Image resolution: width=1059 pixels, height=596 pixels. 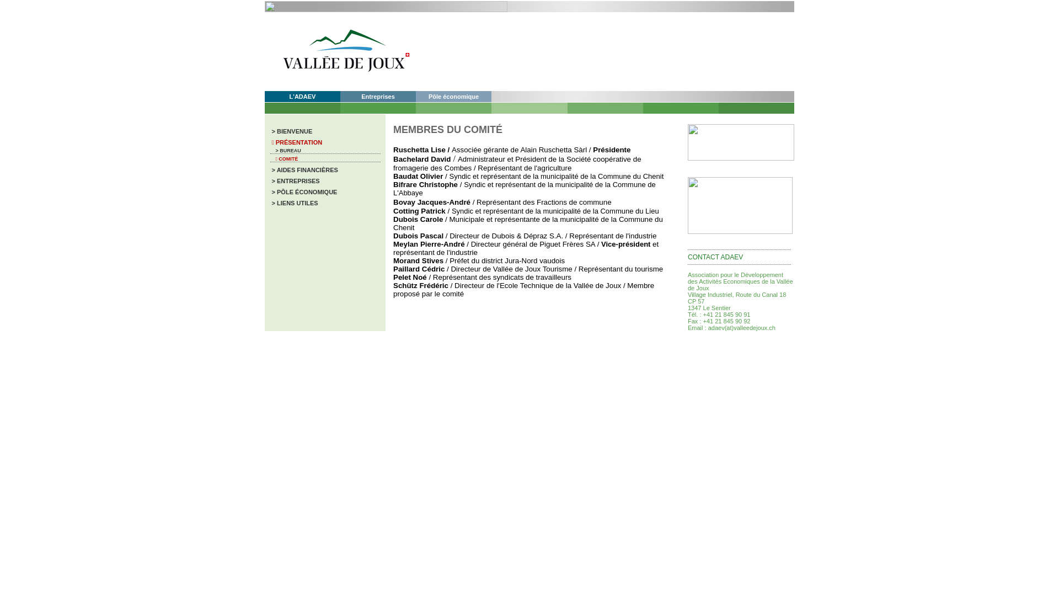 What do you see at coordinates (294, 203) in the screenshot?
I see `' > LIENS UTILES'` at bounding box center [294, 203].